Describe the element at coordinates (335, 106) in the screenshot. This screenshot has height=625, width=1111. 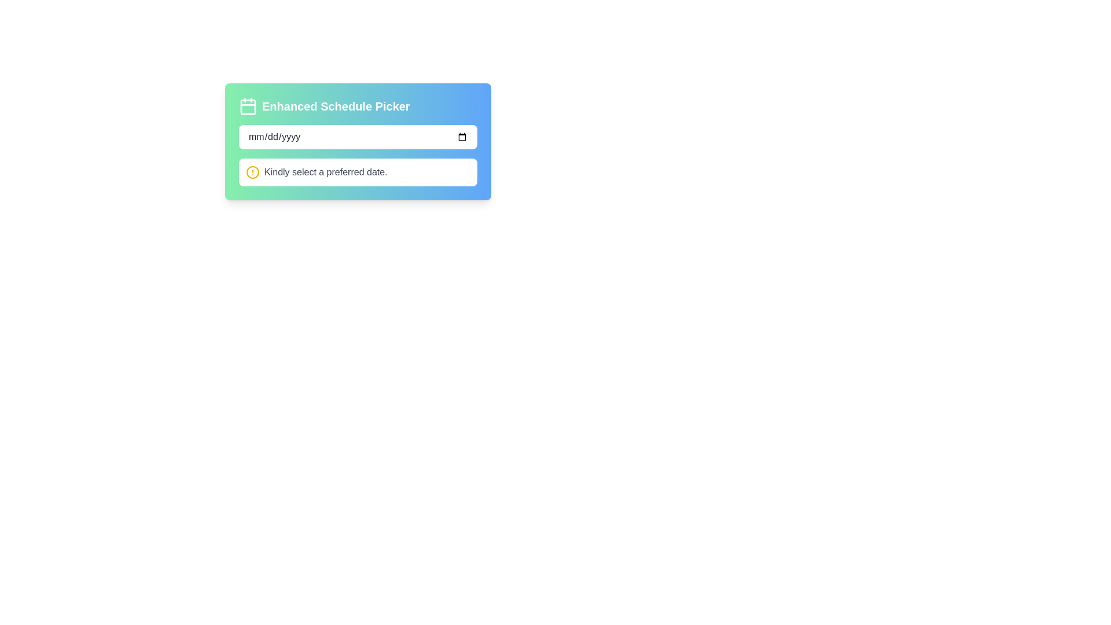
I see `the Text Label that serves as a header for the section, positioned near the top of the panel to the right of the calendar-like icon` at that location.